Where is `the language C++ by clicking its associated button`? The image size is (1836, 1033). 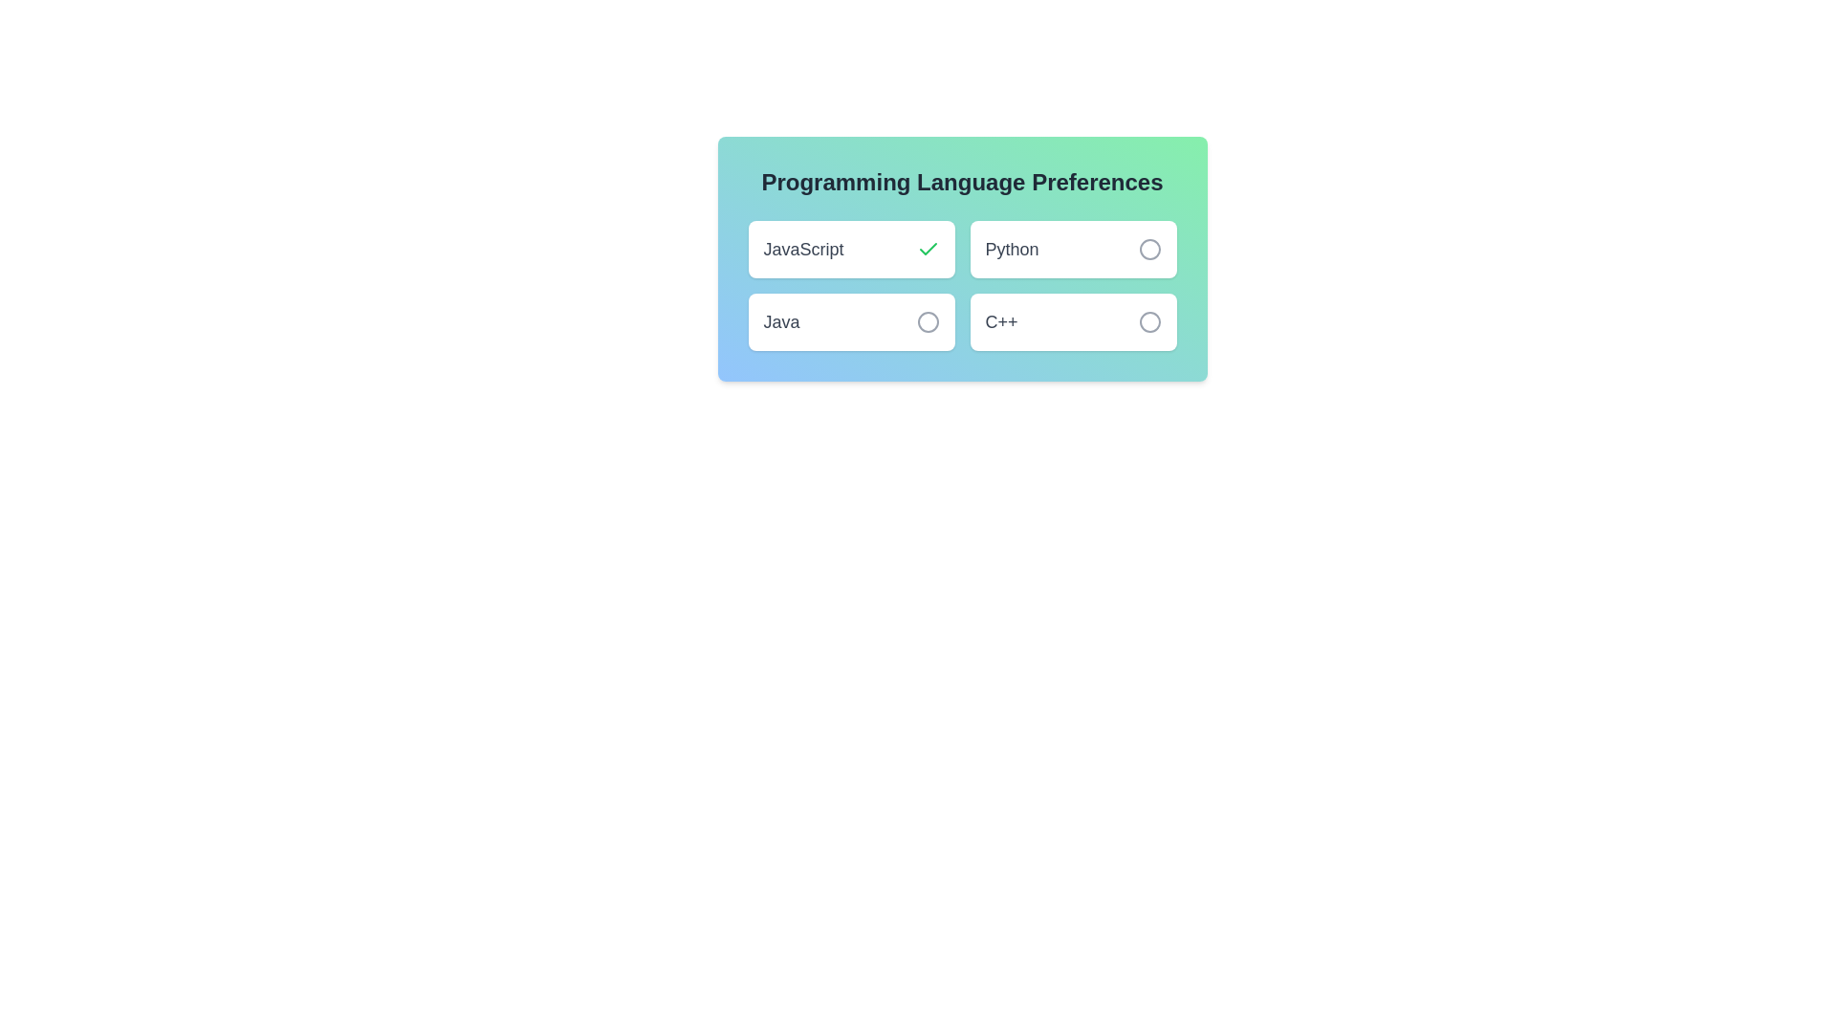
the language C++ by clicking its associated button is located at coordinates (1148, 320).